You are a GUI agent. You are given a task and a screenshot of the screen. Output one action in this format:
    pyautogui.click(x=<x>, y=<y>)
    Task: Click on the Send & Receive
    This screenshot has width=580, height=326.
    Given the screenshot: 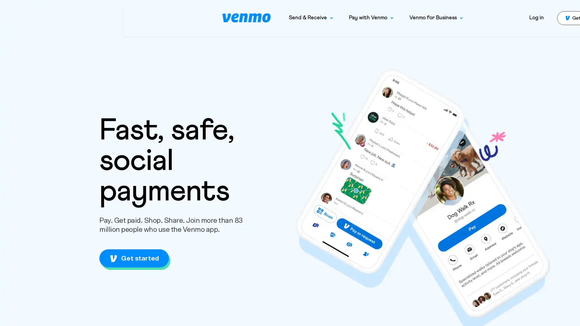 What is the action you would take?
    pyautogui.click(x=188, y=18)
    